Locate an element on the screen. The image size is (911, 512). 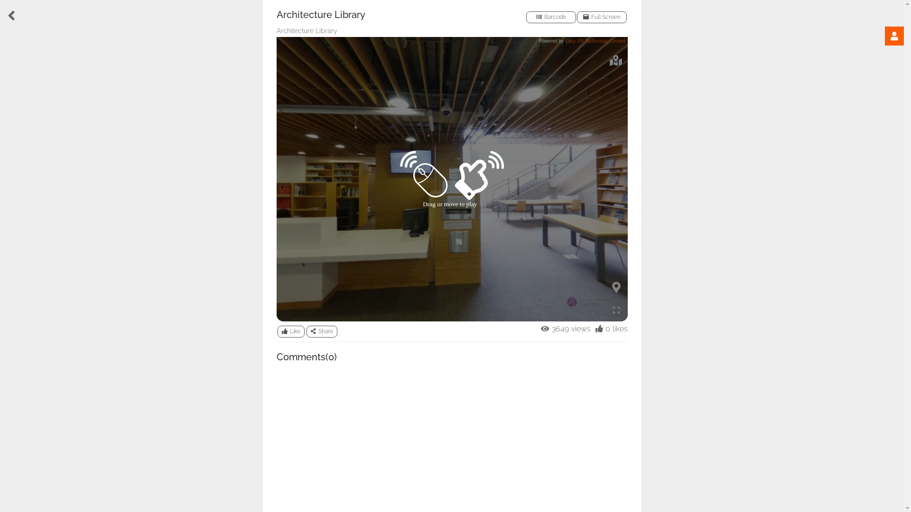
'Barcode' is located at coordinates (550, 17).